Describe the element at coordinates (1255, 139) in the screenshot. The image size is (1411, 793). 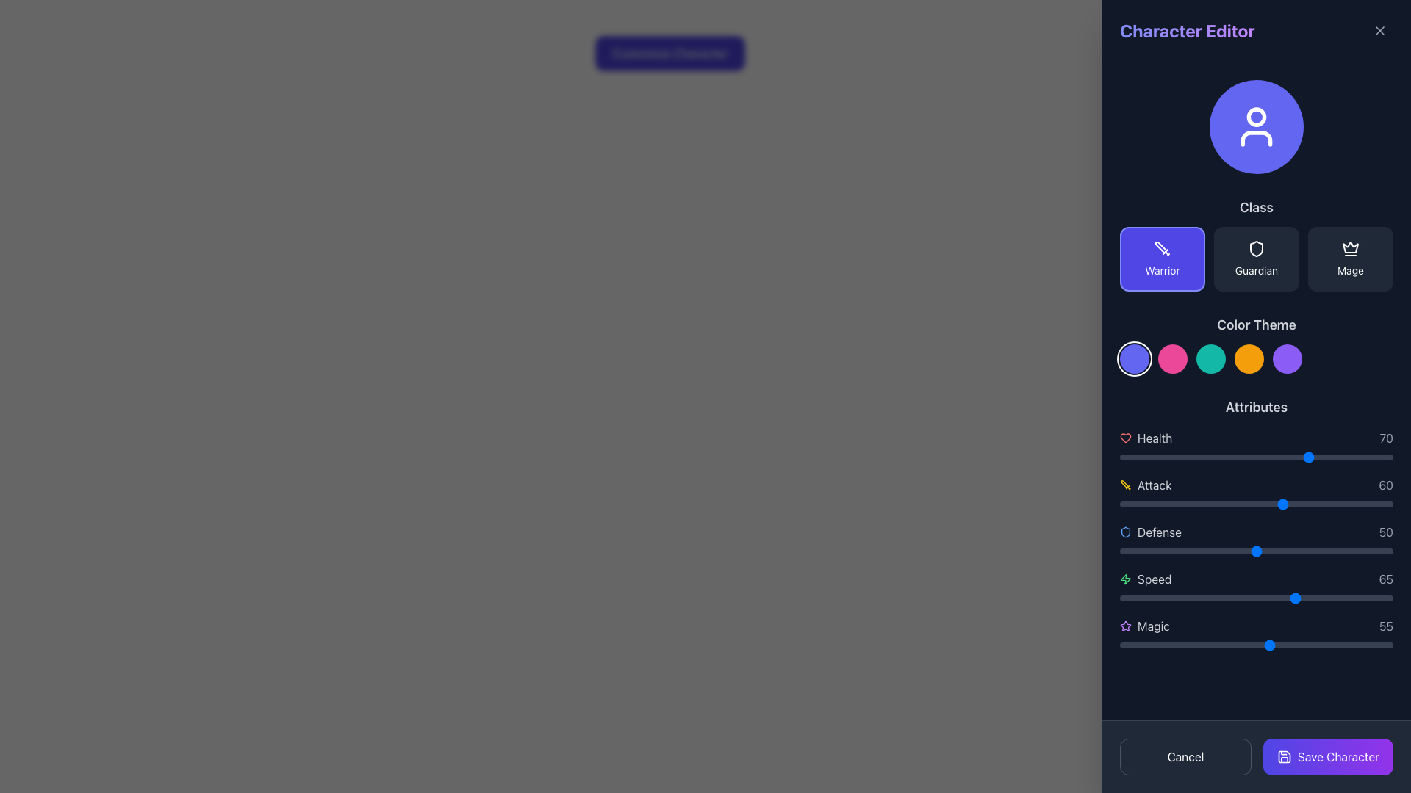
I see `the lower portion of the user icon, which is a decorative graphical element shaped like a horizontal arc or crescent, representing the shoulders or torso of a stylized user figure` at that location.